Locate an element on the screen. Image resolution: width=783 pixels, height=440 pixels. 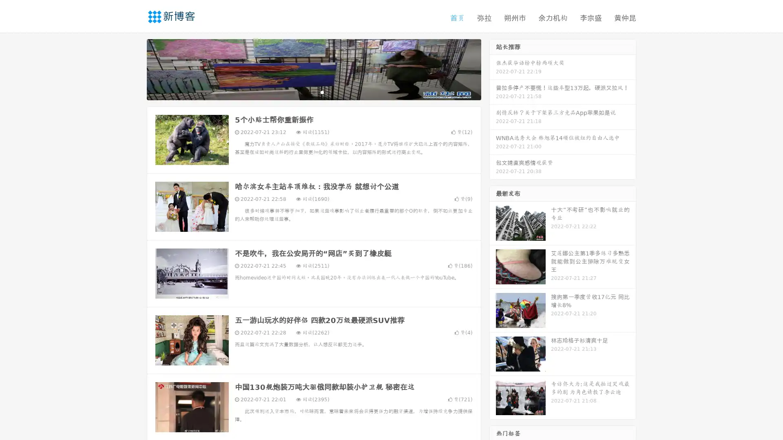
Go to slide 1 is located at coordinates (305, 92).